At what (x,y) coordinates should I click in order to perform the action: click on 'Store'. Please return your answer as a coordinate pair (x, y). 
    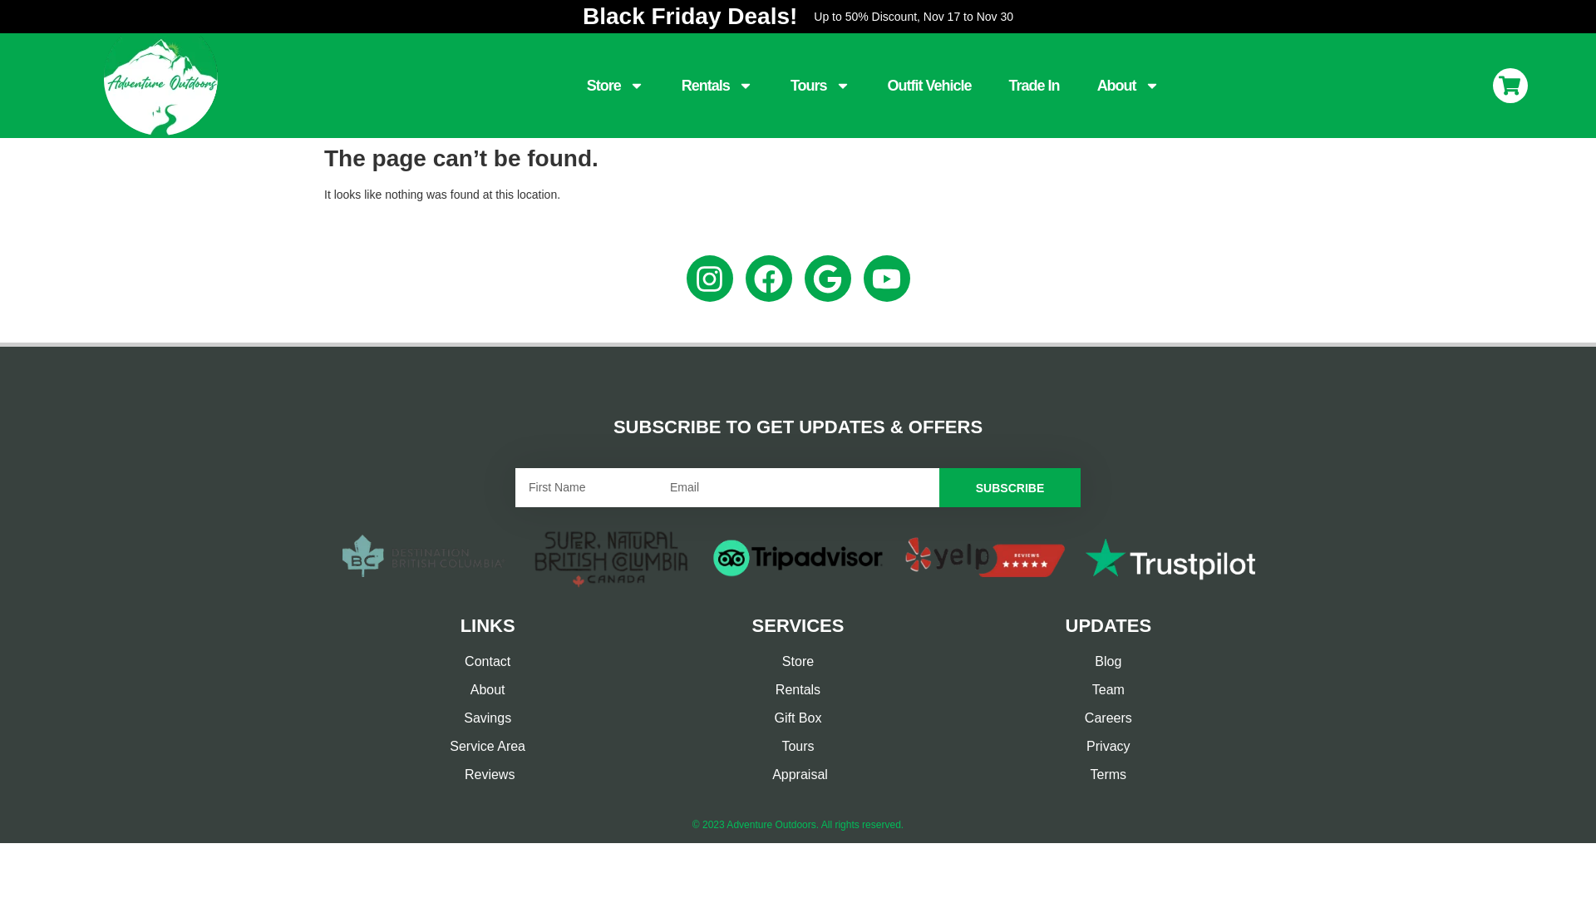
    Looking at the image, I should click on (586, 86).